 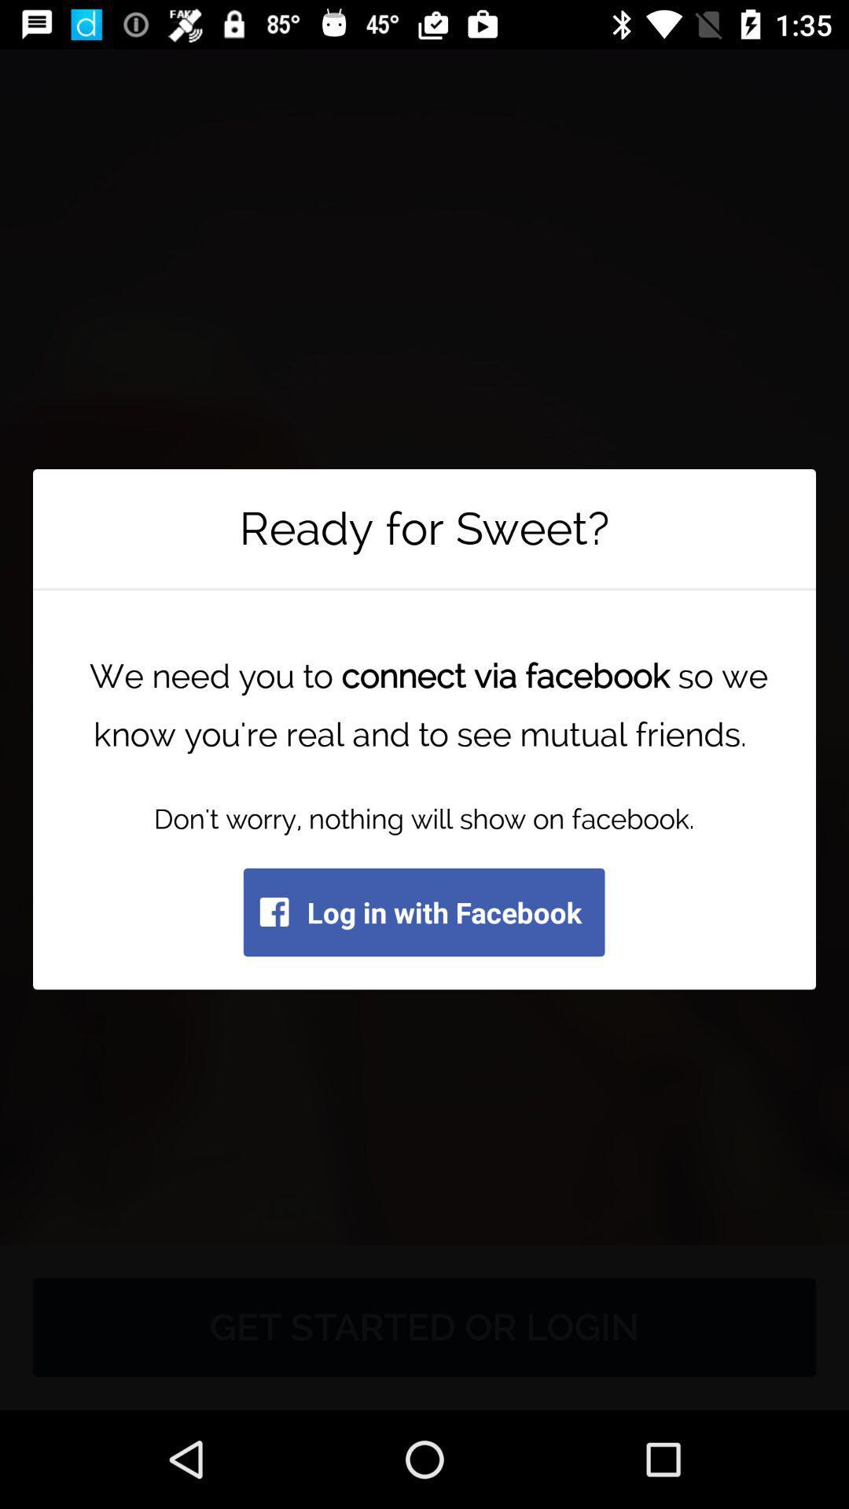 What do you see at coordinates (423, 912) in the screenshot?
I see `the log in with` at bounding box center [423, 912].